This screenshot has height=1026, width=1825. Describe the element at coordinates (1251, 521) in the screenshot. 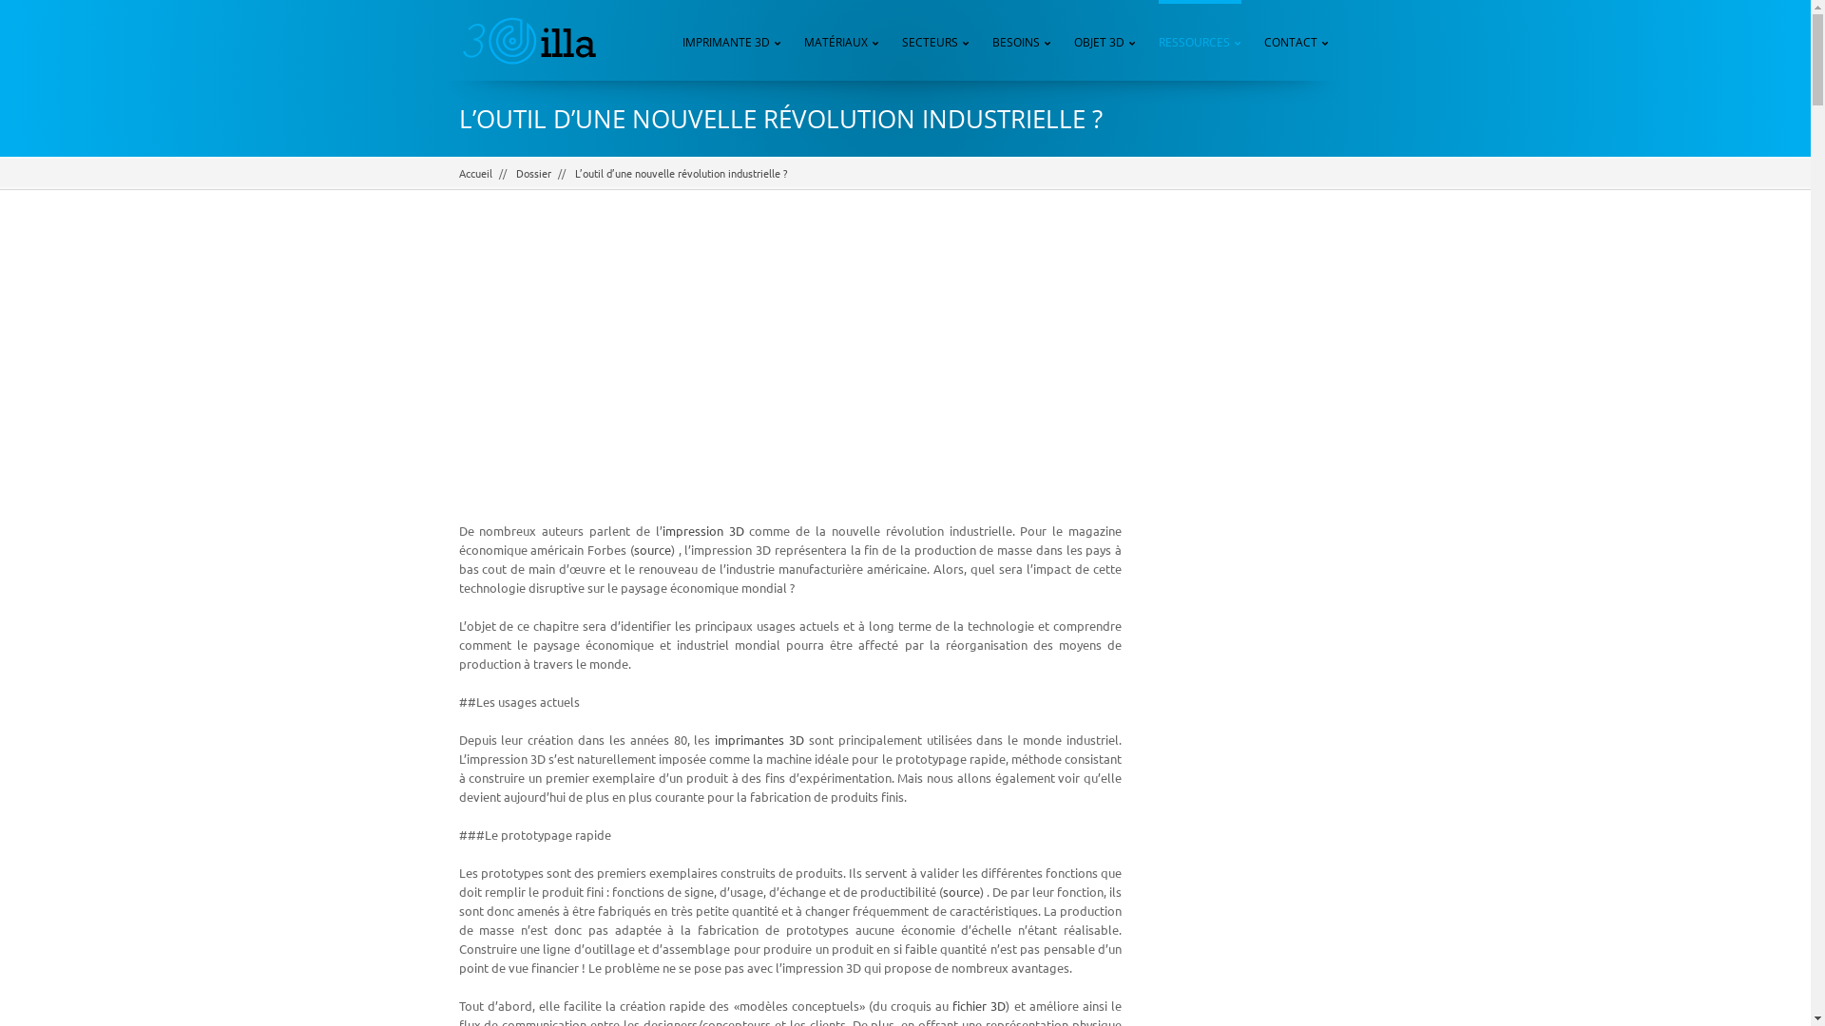

I see `'Advertisement'` at that location.